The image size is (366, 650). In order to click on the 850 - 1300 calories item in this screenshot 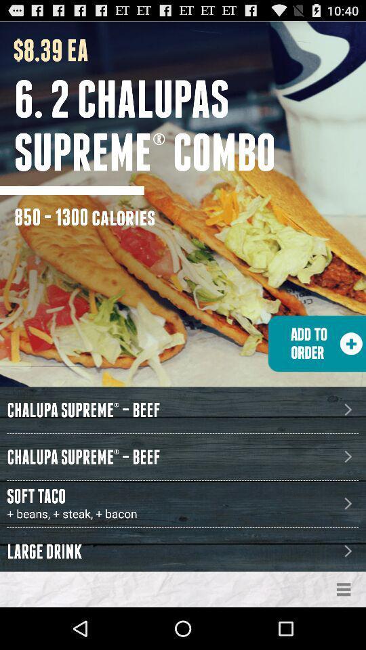, I will do `click(85, 217)`.